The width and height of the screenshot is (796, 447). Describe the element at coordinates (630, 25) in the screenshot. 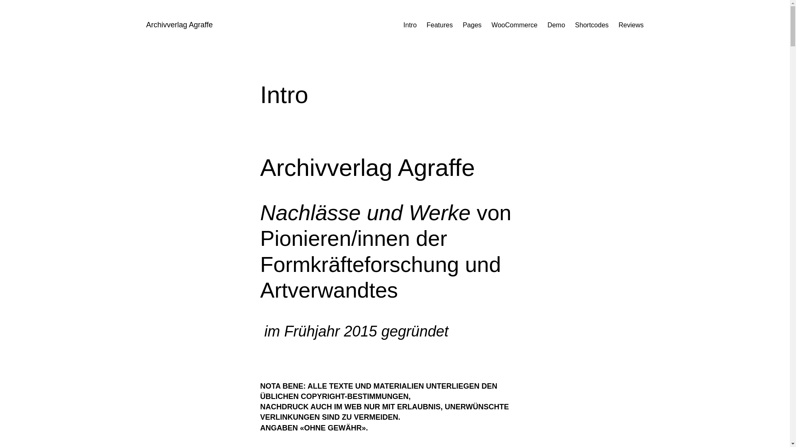

I see `'Reviews'` at that location.